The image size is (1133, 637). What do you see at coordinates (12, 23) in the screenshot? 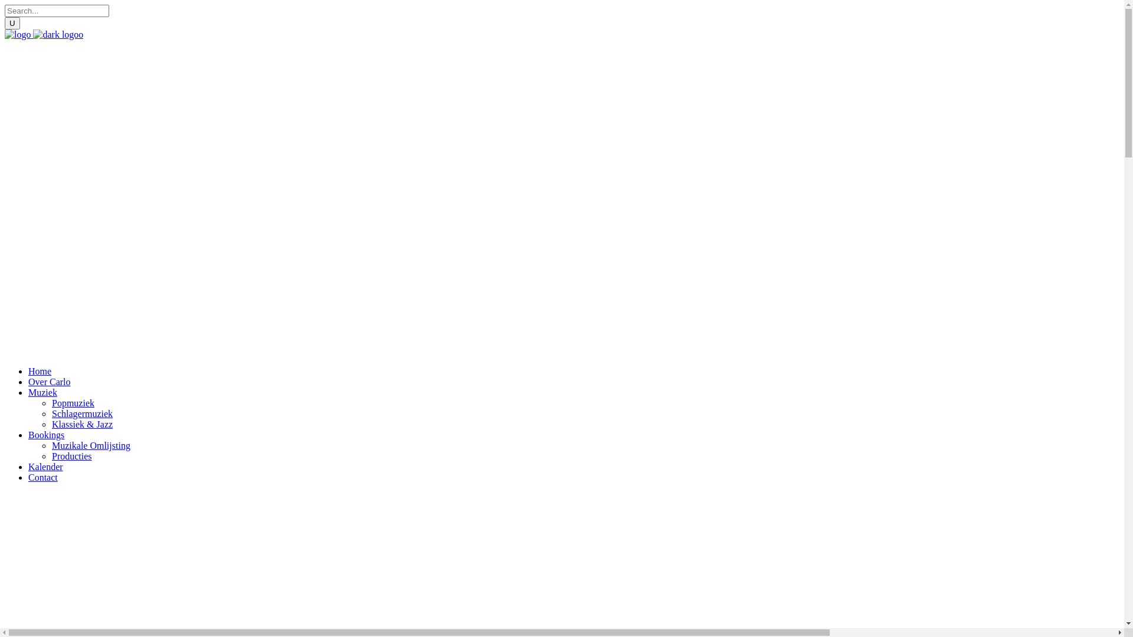
I see `'U'` at bounding box center [12, 23].